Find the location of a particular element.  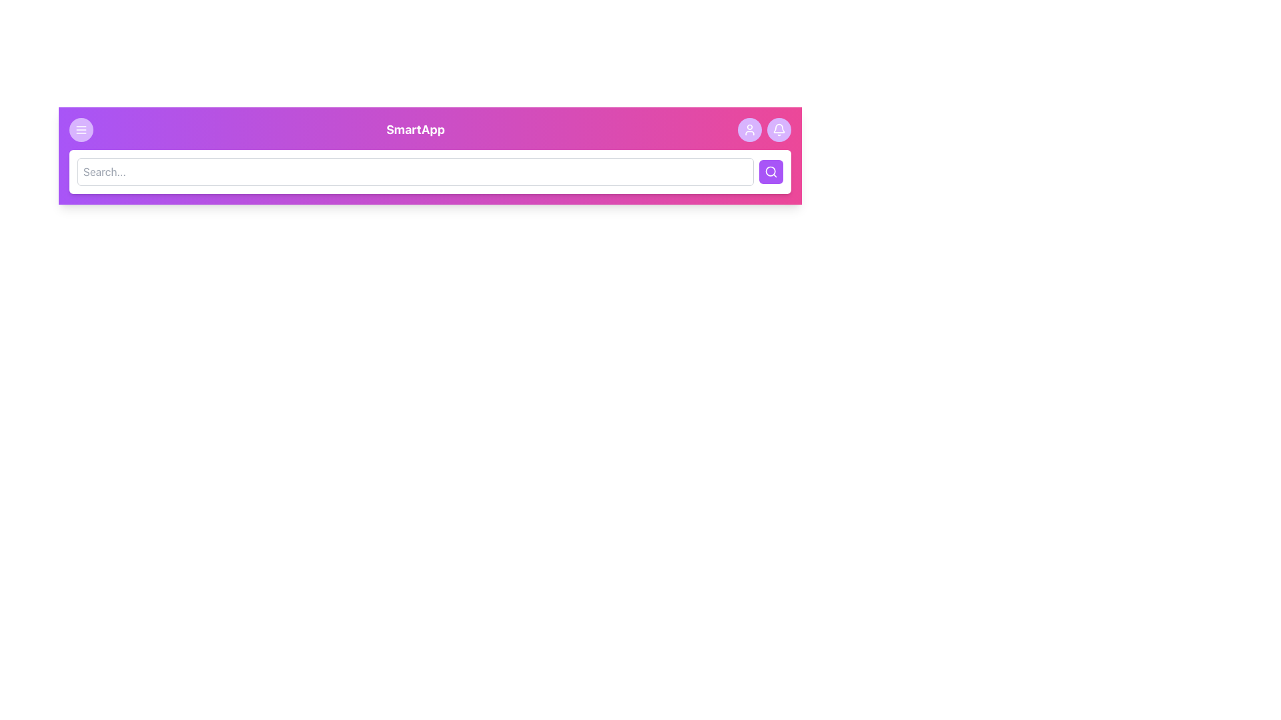

the menu button located at the leftmost side of the header bar is located at coordinates (80, 130).